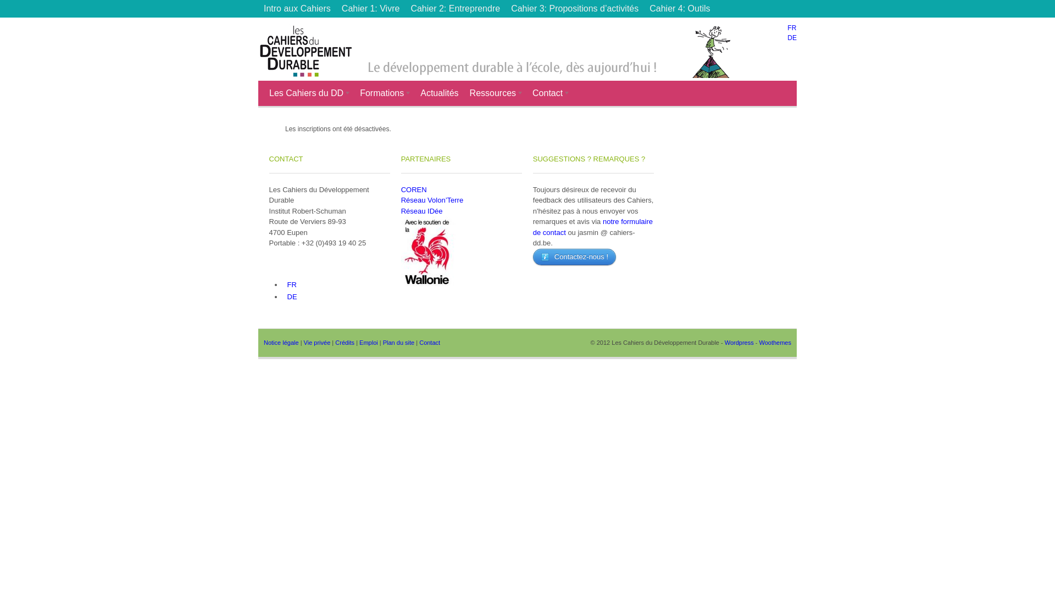  What do you see at coordinates (792, 37) in the screenshot?
I see `'DE'` at bounding box center [792, 37].